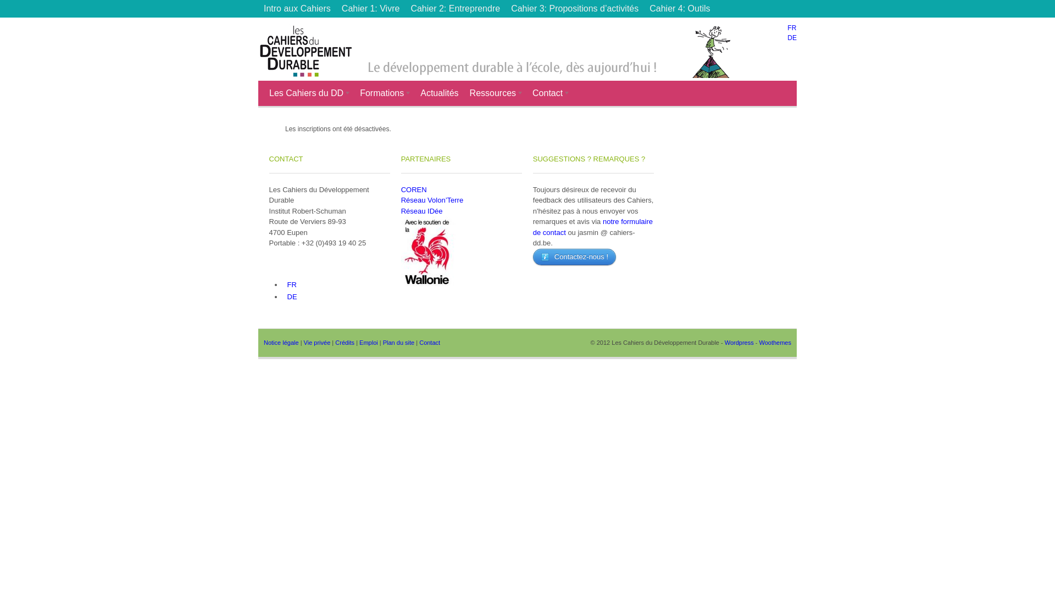  What do you see at coordinates (792, 37) in the screenshot?
I see `'DE'` at bounding box center [792, 37].